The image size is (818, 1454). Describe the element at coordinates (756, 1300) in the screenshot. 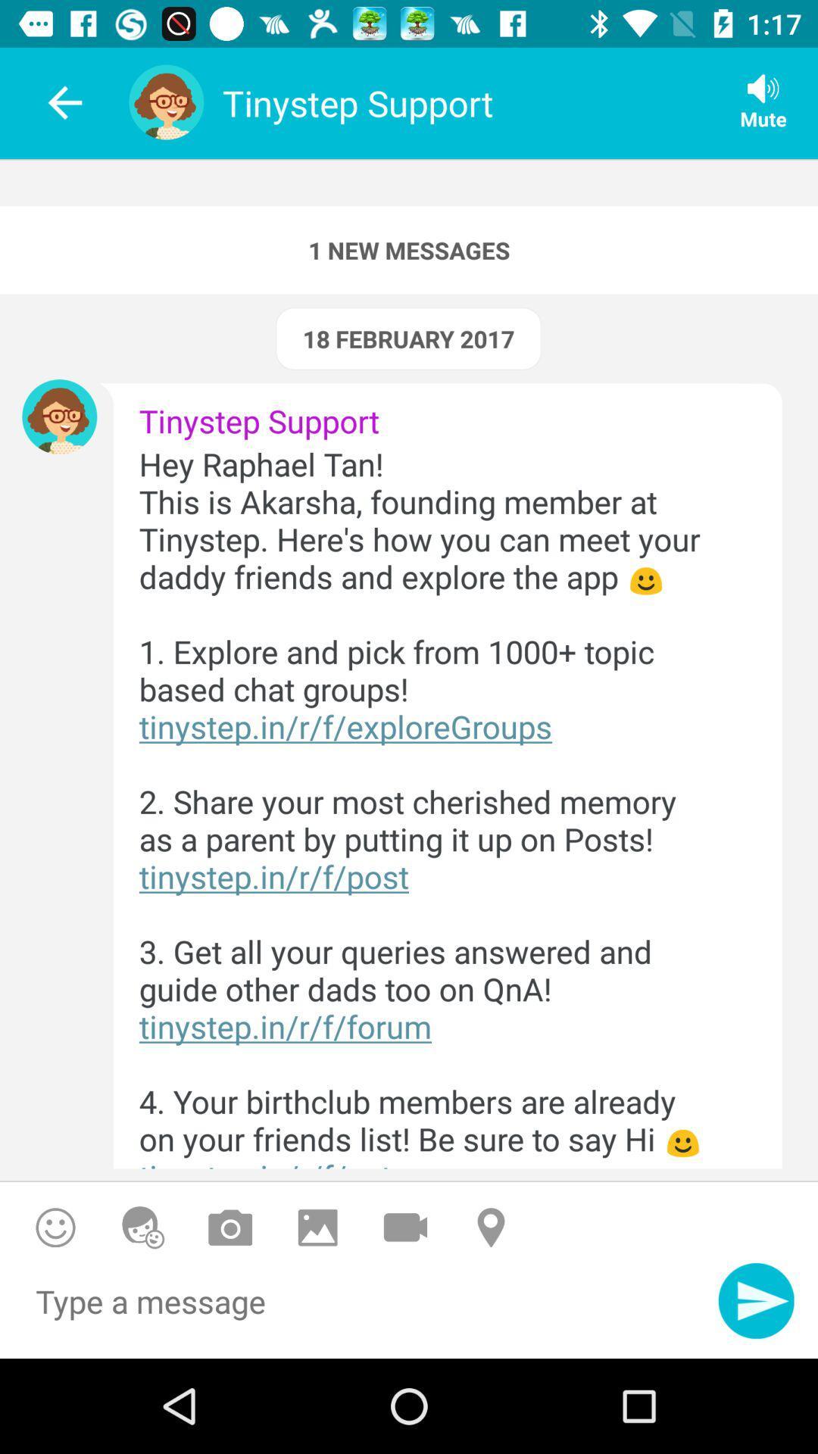

I see `send a message` at that location.